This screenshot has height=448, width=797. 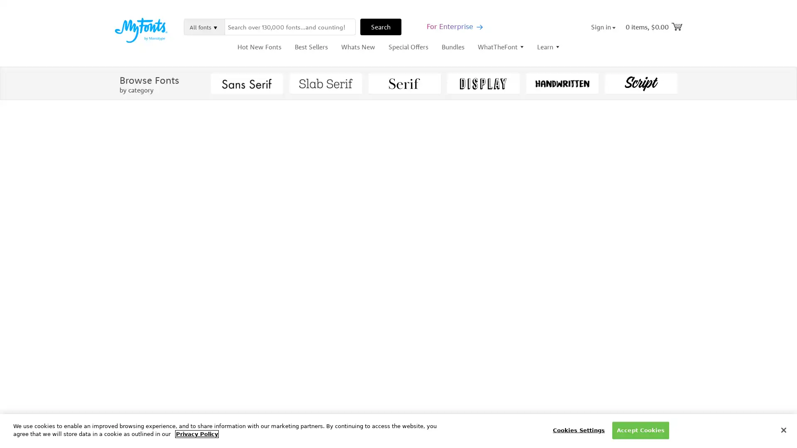 I want to click on Sign in, so click(x=603, y=27).